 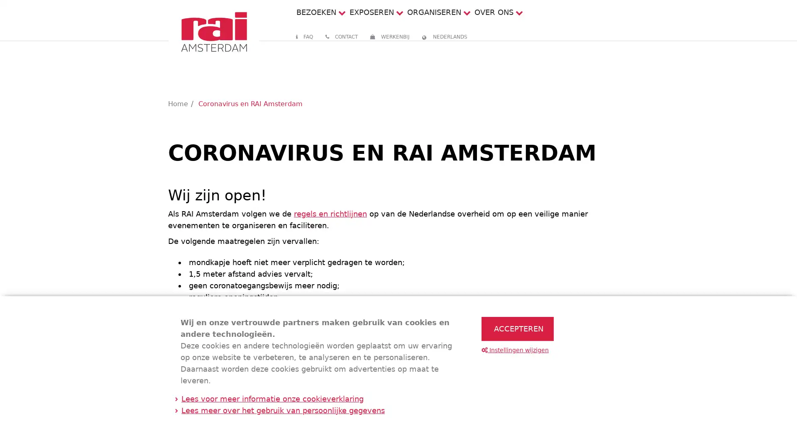 What do you see at coordinates (371, 12) in the screenshot?
I see `EXPOSEREN` at bounding box center [371, 12].